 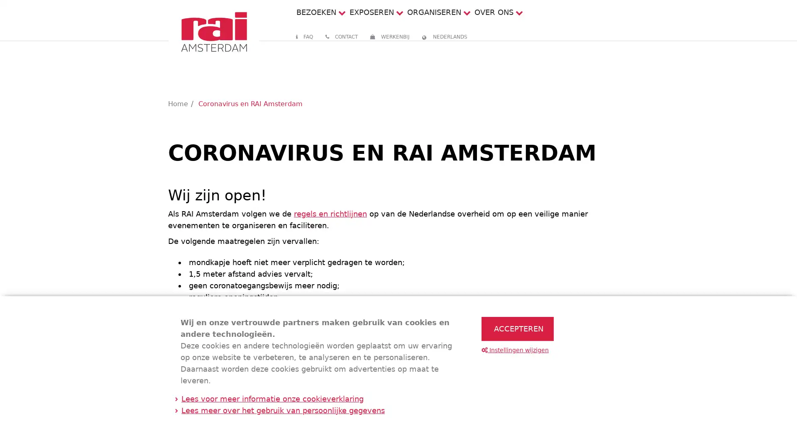 What do you see at coordinates (371, 12) in the screenshot?
I see `EXPOSEREN` at bounding box center [371, 12].